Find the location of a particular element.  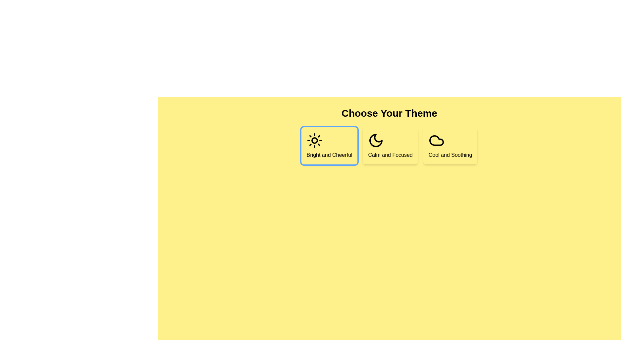

the button corresponding to the theme 'Bright and Cheerful' is located at coordinates (329, 145).